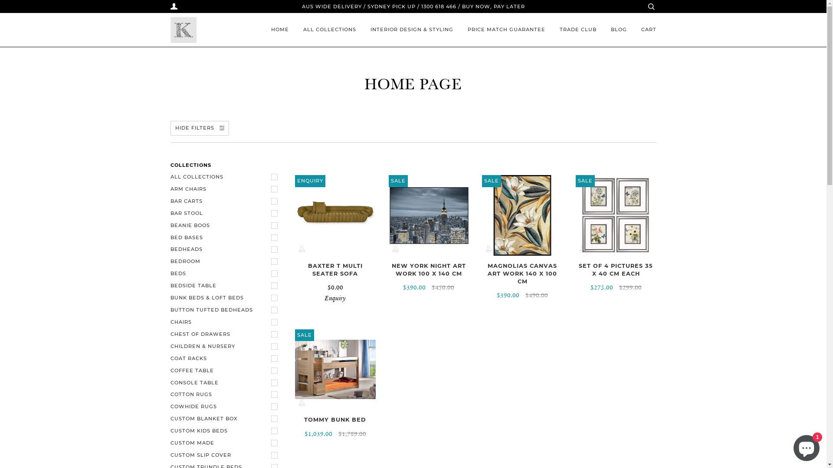 The image size is (833, 468). I want to click on 'BEDSIDE TABLE', so click(170, 286).